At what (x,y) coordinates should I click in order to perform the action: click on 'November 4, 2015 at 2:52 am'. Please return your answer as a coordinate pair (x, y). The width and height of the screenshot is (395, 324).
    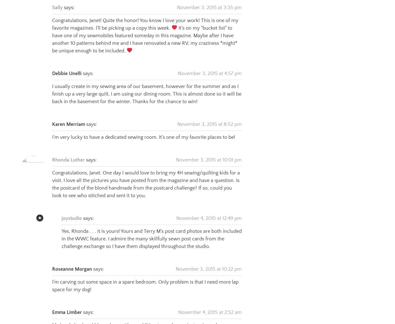
    Looking at the image, I should click on (178, 304).